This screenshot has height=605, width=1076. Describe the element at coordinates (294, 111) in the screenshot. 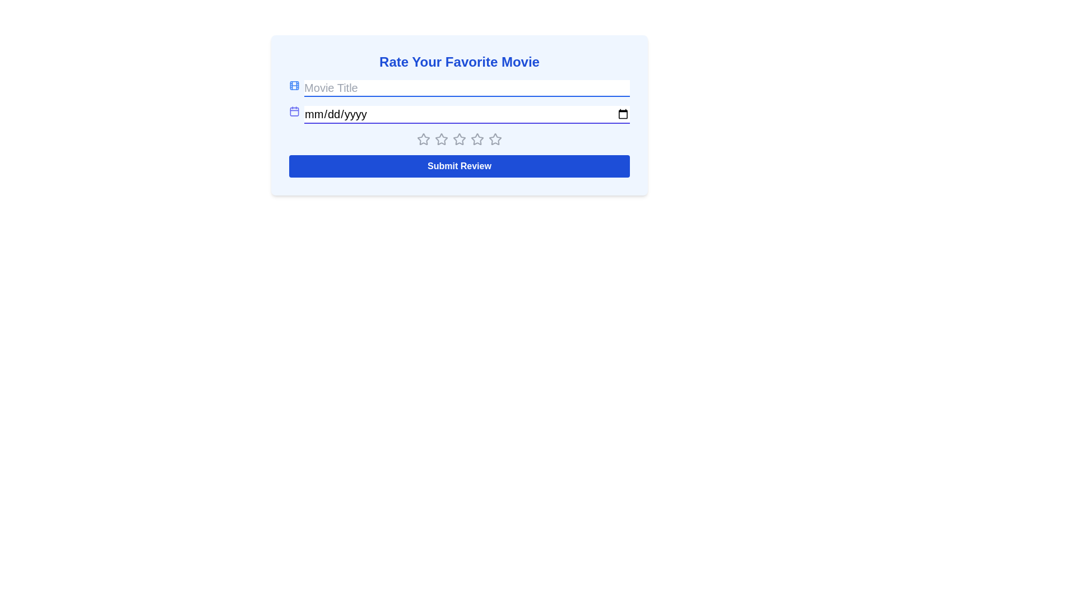

I see `the icon next to the release date input field` at that location.